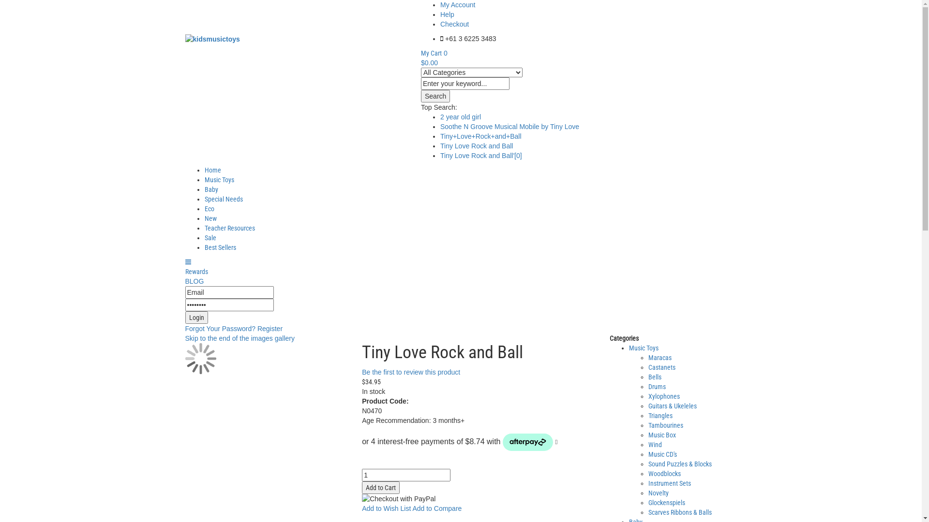  What do you see at coordinates (210, 189) in the screenshot?
I see `'Baby'` at bounding box center [210, 189].